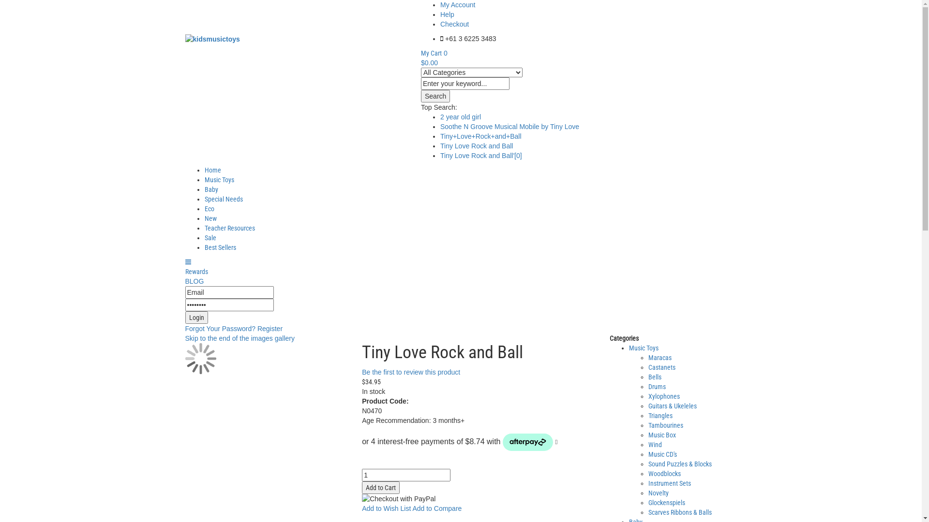  What do you see at coordinates (210, 189) in the screenshot?
I see `'Baby'` at bounding box center [210, 189].